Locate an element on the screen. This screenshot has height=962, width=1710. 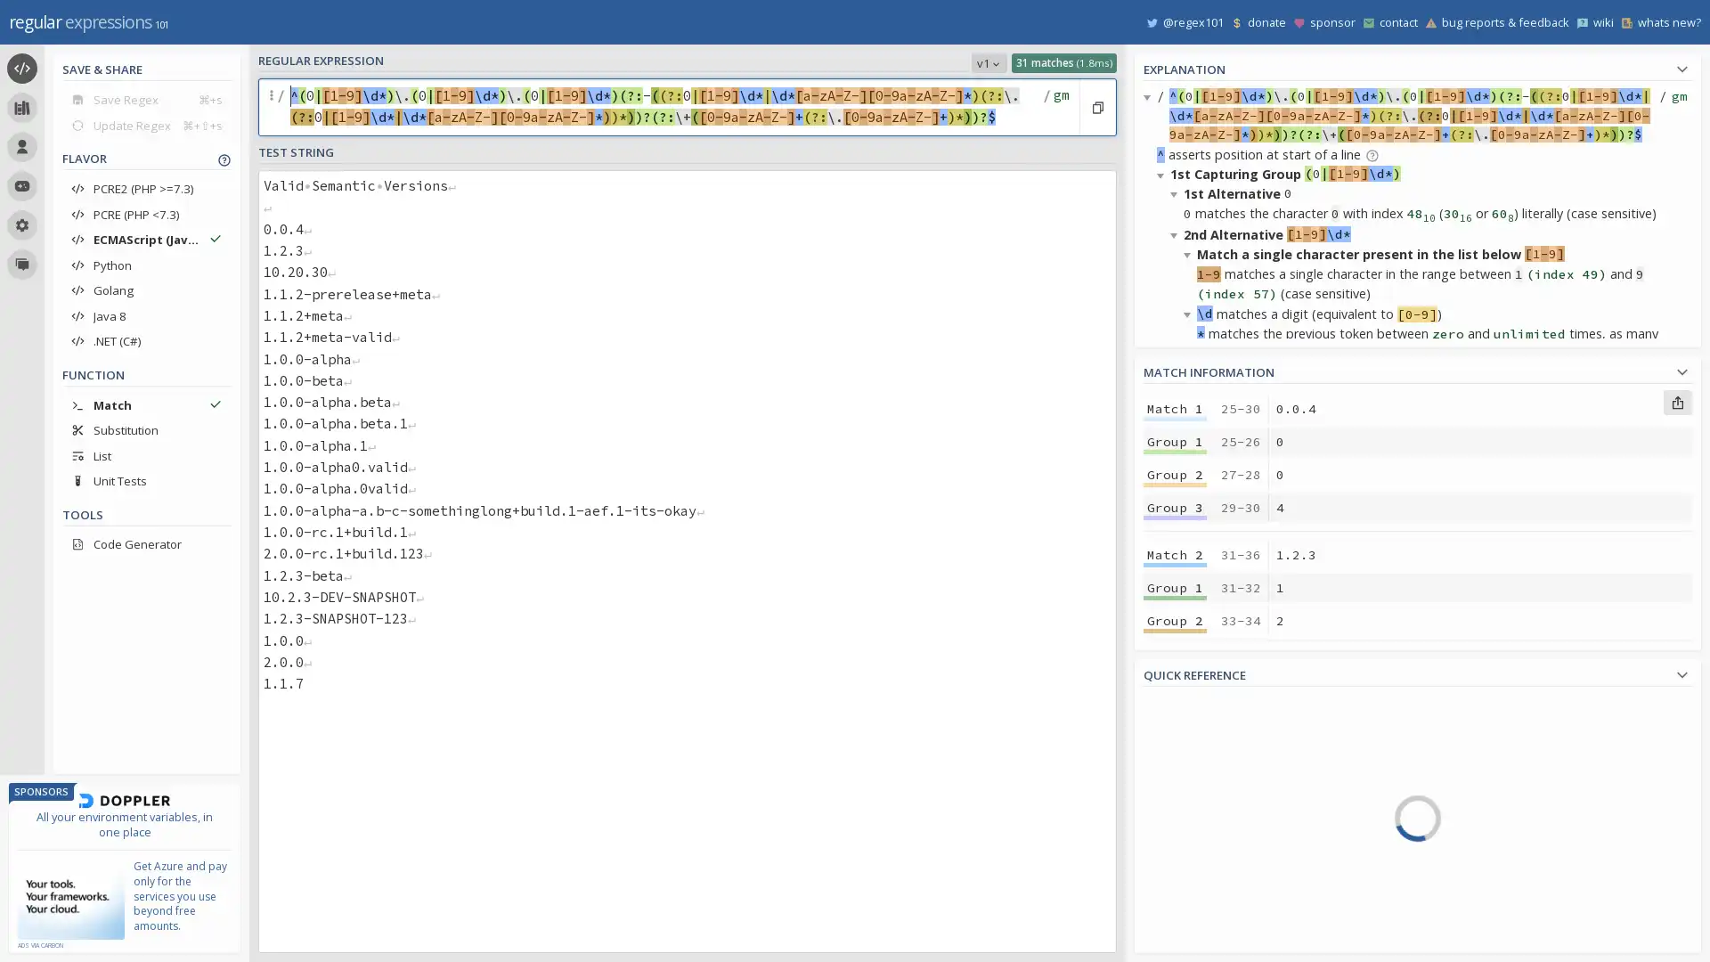
Match 1 is located at coordinates (1175, 409).